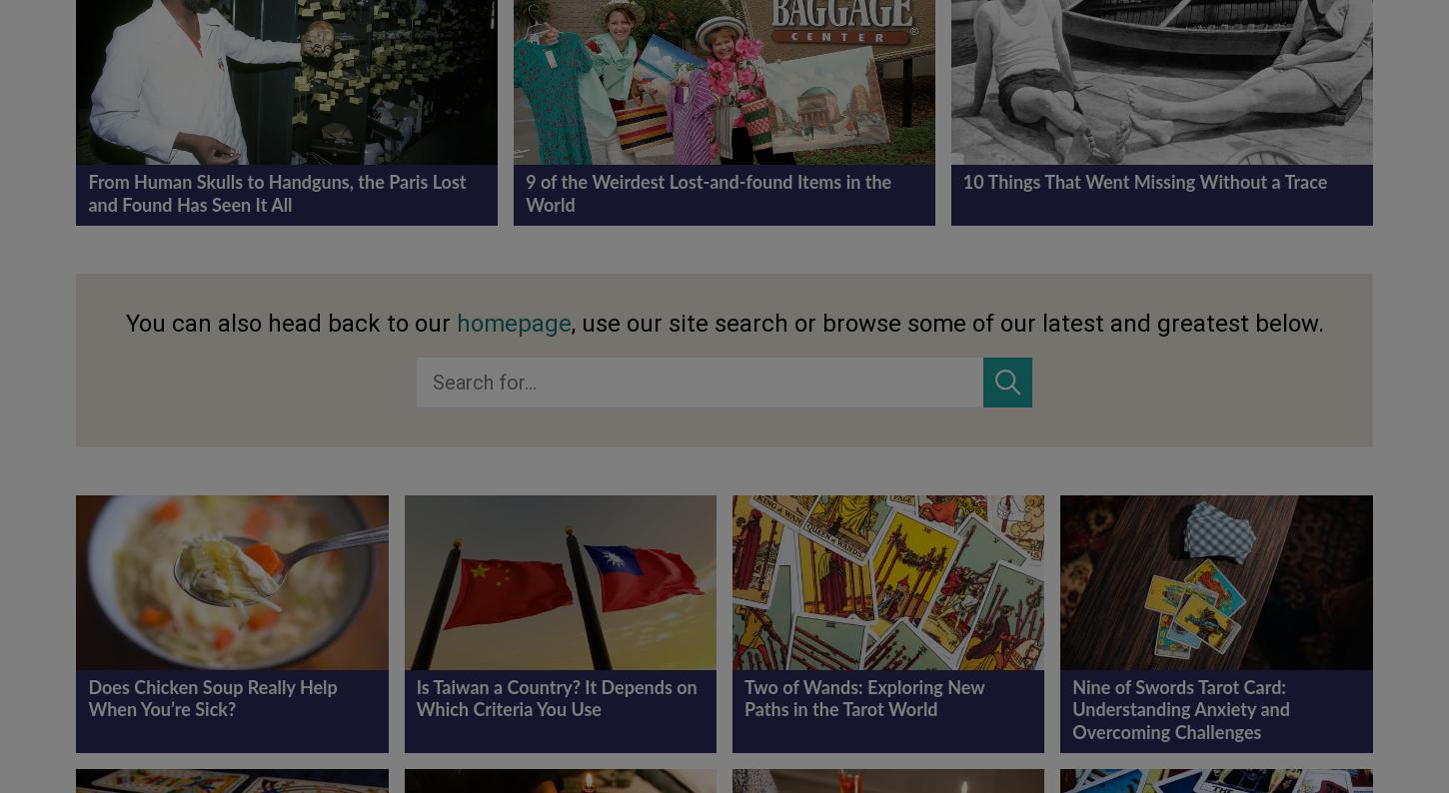 The height and width of the screenshot is (793, 1449). Describe the element at coordinates (513, 323) in the screenshot. I see `'homepage'` at that location.